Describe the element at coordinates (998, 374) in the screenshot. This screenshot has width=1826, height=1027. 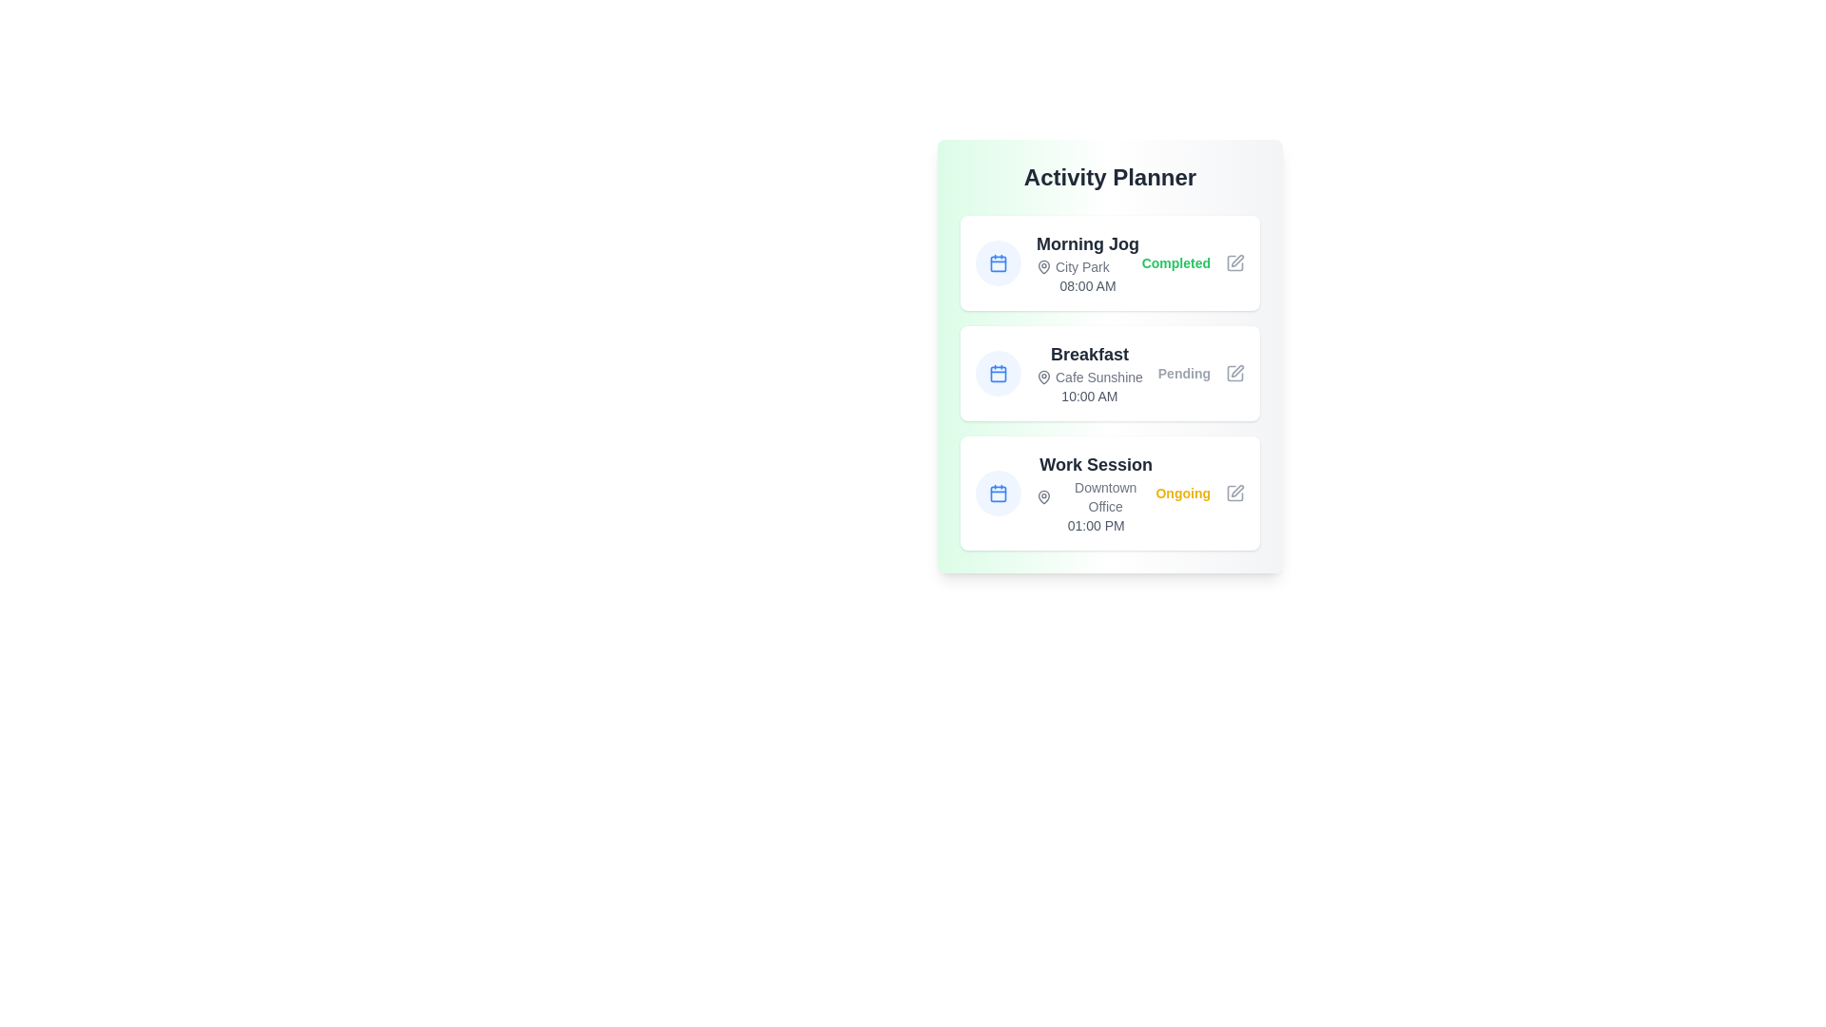
I see `the circular blue-themed calendar icon associated with the 'Breakfast' event for accessibility purposes` at that location.